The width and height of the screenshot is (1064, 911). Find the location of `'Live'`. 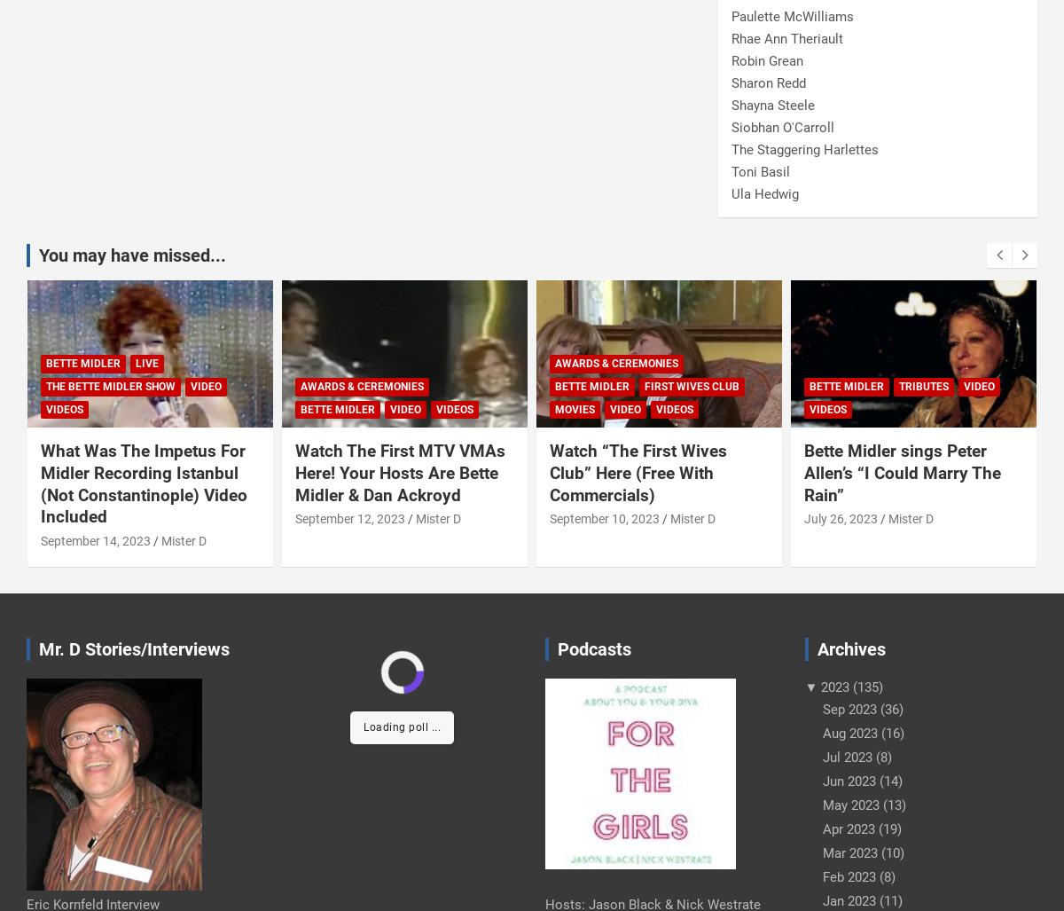

'Live' is located at coordinates (145, 362).